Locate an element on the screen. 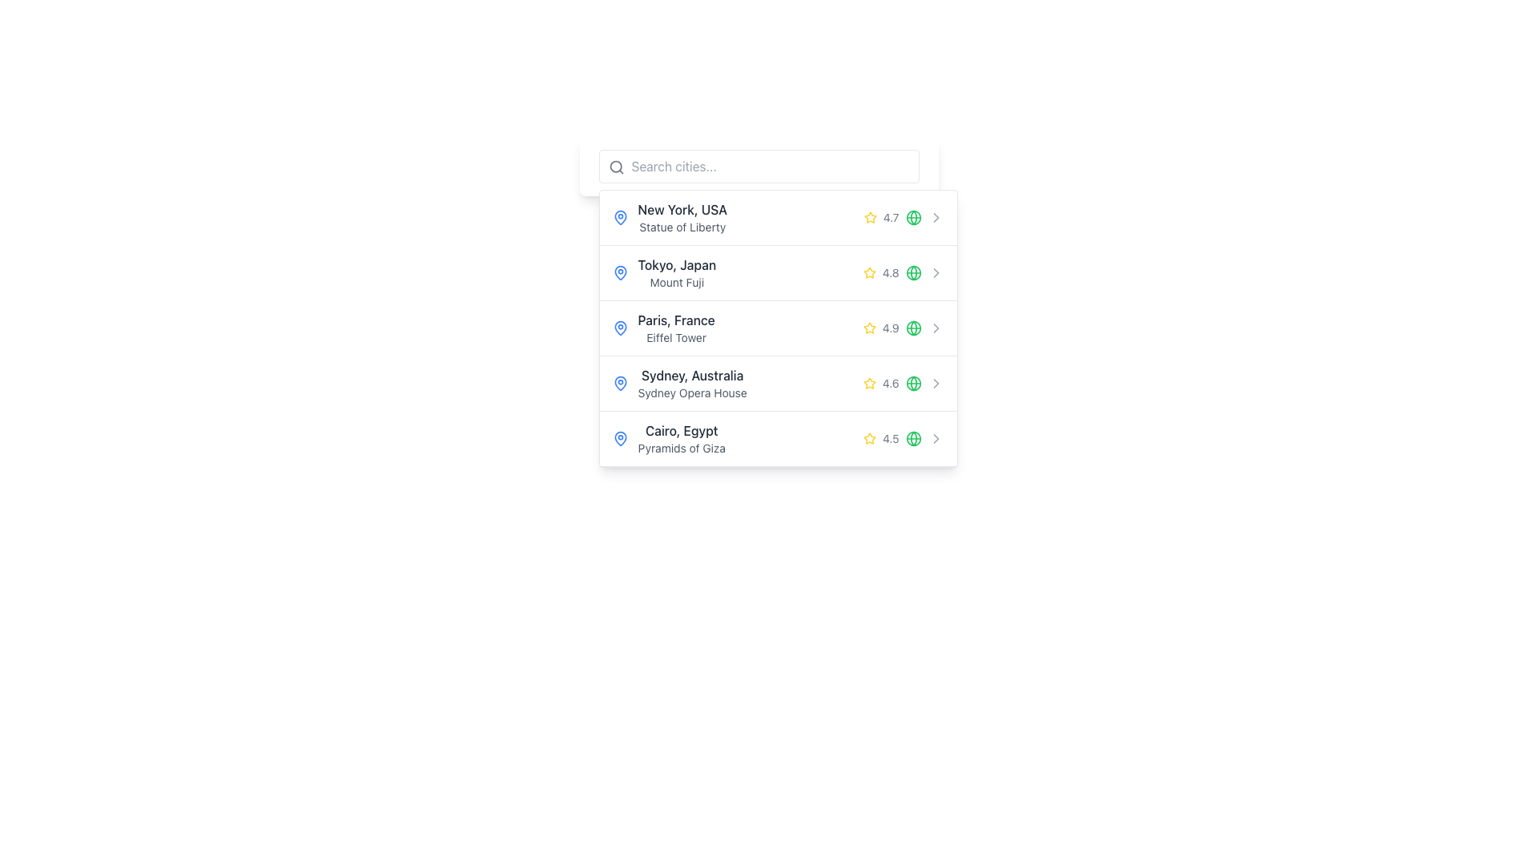  the star rating icon for 'Tokyo, Japan' located in the rating row, which is part of a column of similar icons is located at coordinates (868, 272).